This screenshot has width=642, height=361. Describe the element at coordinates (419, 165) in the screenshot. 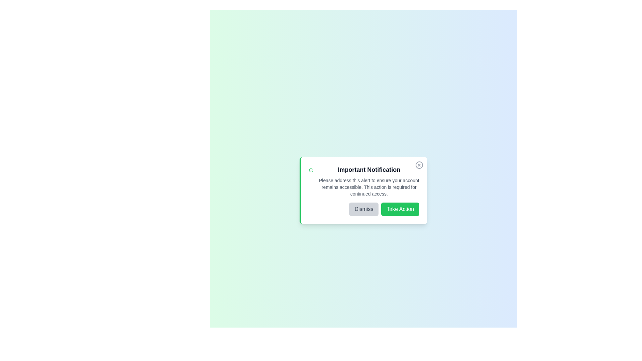

I see `the close button to hide the alert` at that location.